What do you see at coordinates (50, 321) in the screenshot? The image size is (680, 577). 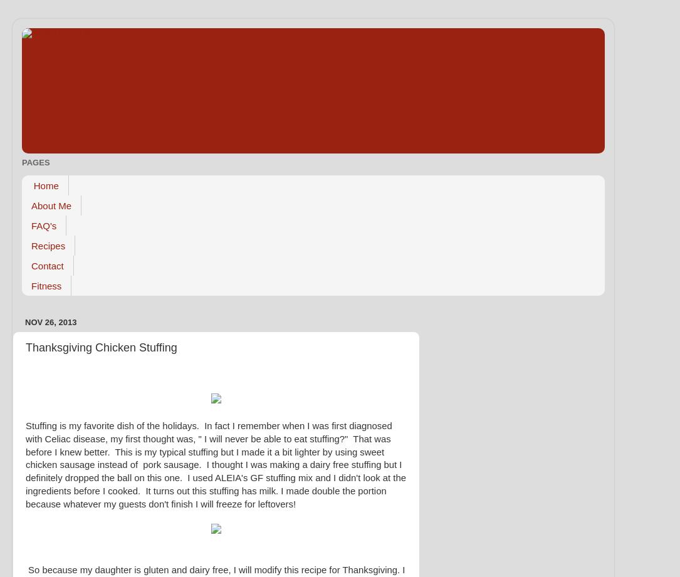 I see `'Nov 26, 2013'` at bounding box center [50, 321].